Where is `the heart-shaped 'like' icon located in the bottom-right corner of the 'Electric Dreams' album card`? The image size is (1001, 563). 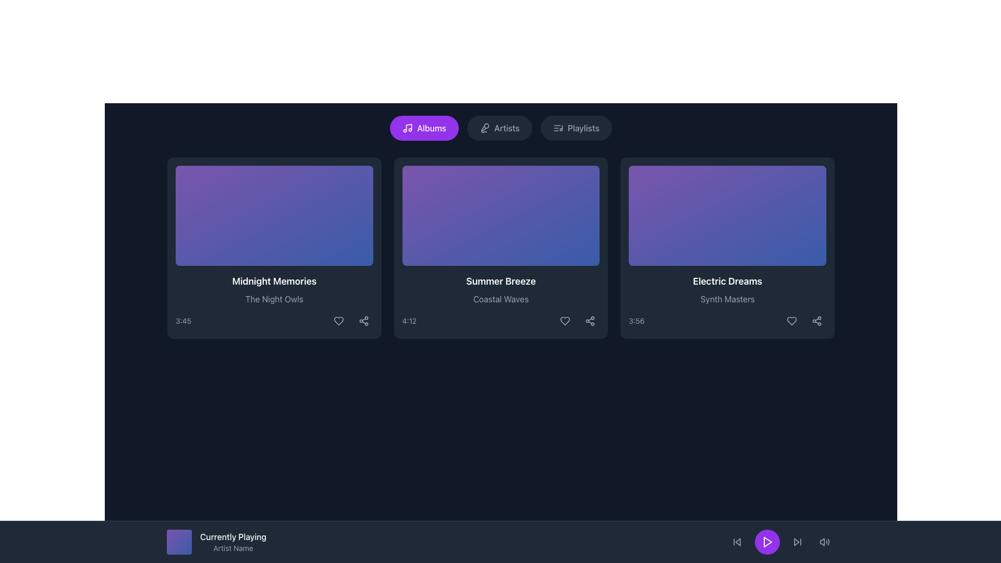
the heart-shaped 'like' icon located in the bottom-right corner of the 'Electric Dreams' album card is located at coordinates (791, 321).